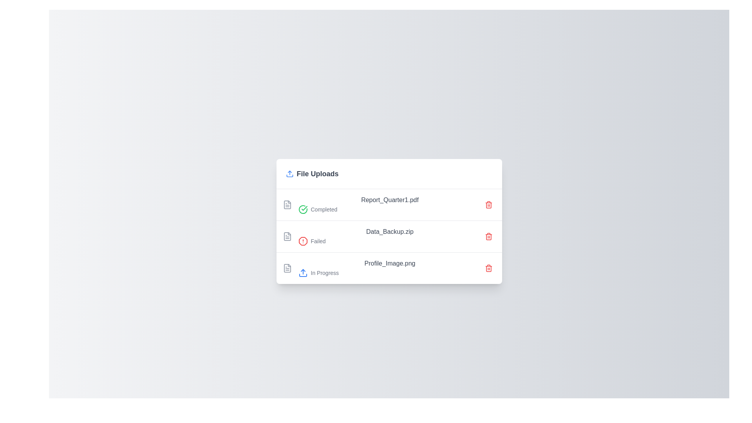 The height and width of the screenshot is (423, 752). Describe the element at coordinates (287, 268) in the screenshot. I see `the document icon located in the third row of the file upload list, positioned to the left of the 'Profile_Image.png' label` at that location.